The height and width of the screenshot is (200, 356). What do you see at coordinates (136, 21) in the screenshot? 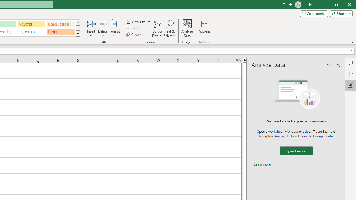
I see `'Sum'` at bounding box center [136, 21].